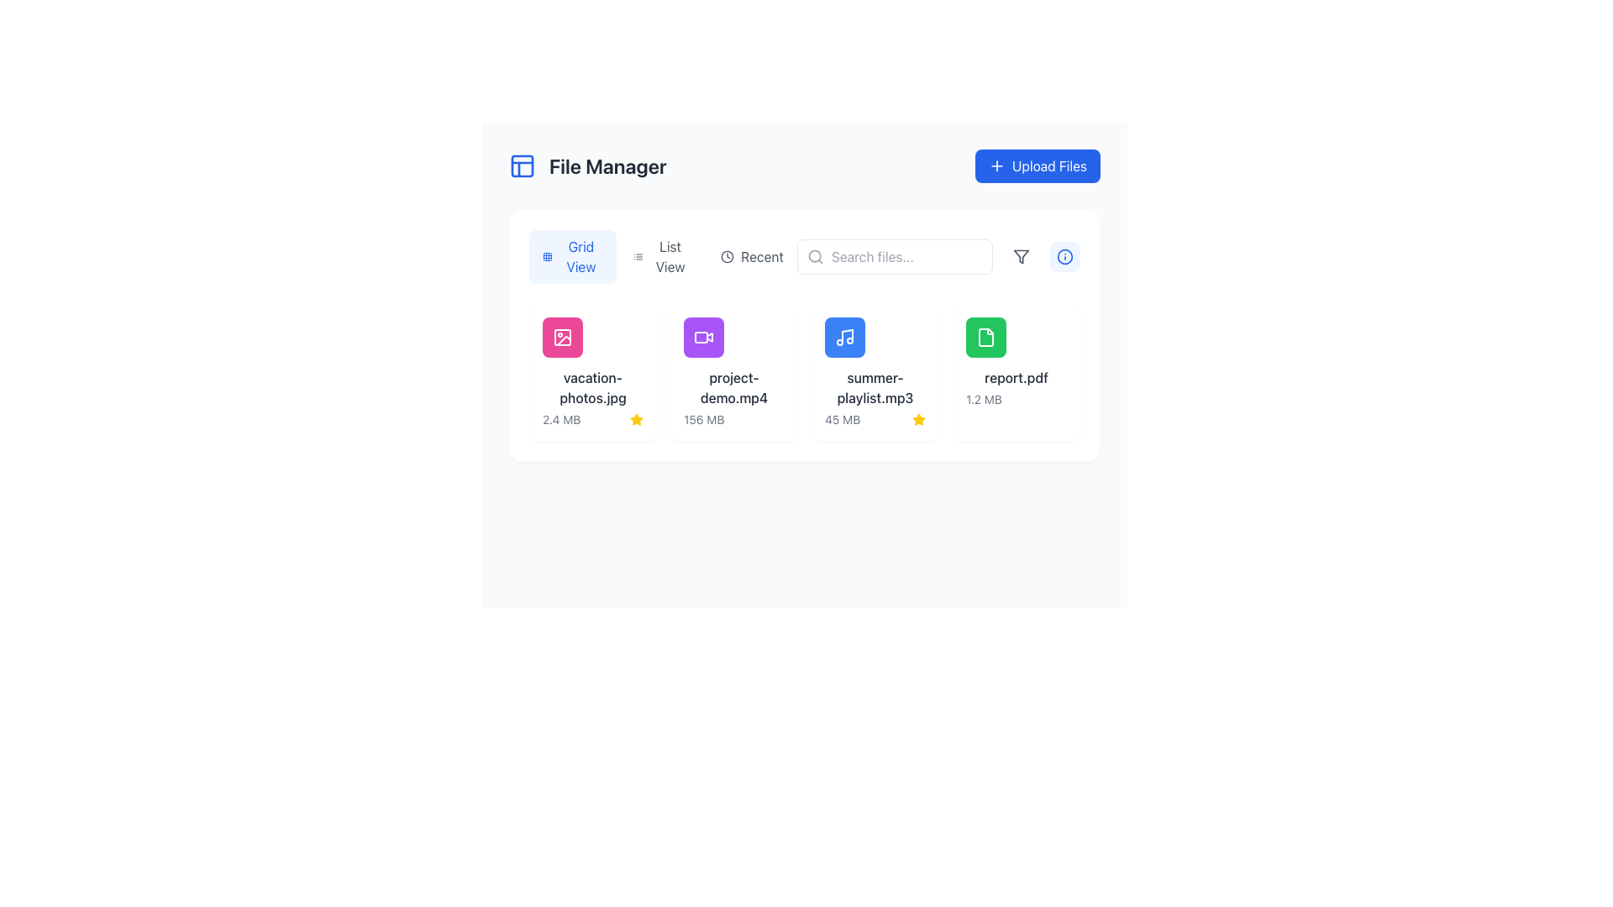 This screenshot has height=907, width=1613. Describe the element at coordinates (670, 256) in the screenshot. I see `the 'List View' toggle button located on the left side of the interface, next to the 'Grid View' element` at that location.